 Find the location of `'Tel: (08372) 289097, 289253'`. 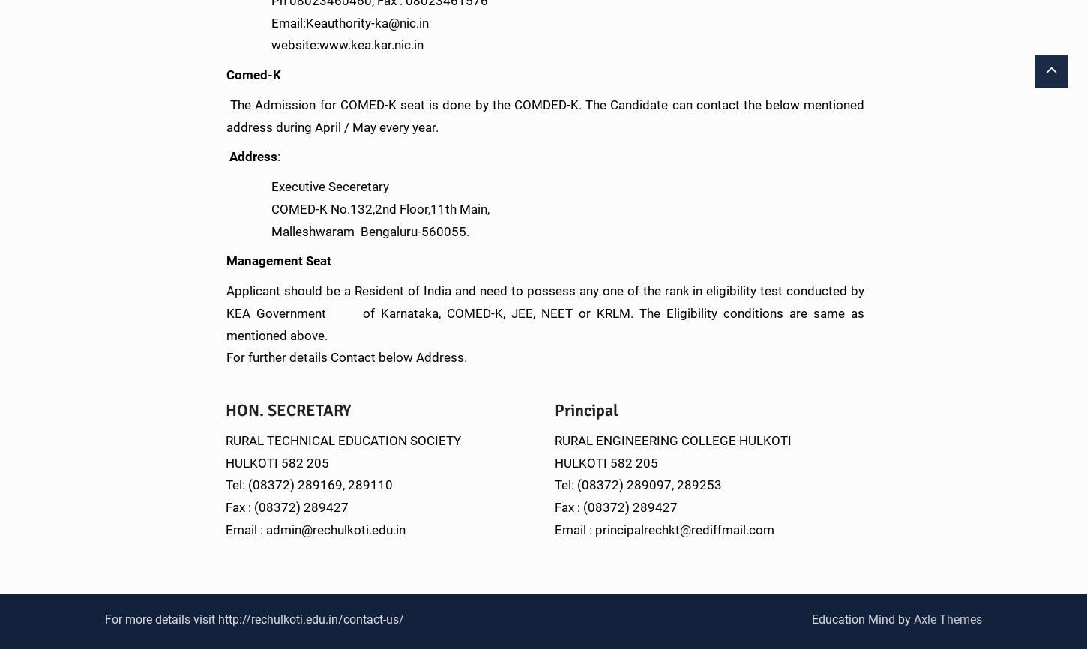

'Tel: (08372) 289097, 289253' is located at coordinates (636, 484).